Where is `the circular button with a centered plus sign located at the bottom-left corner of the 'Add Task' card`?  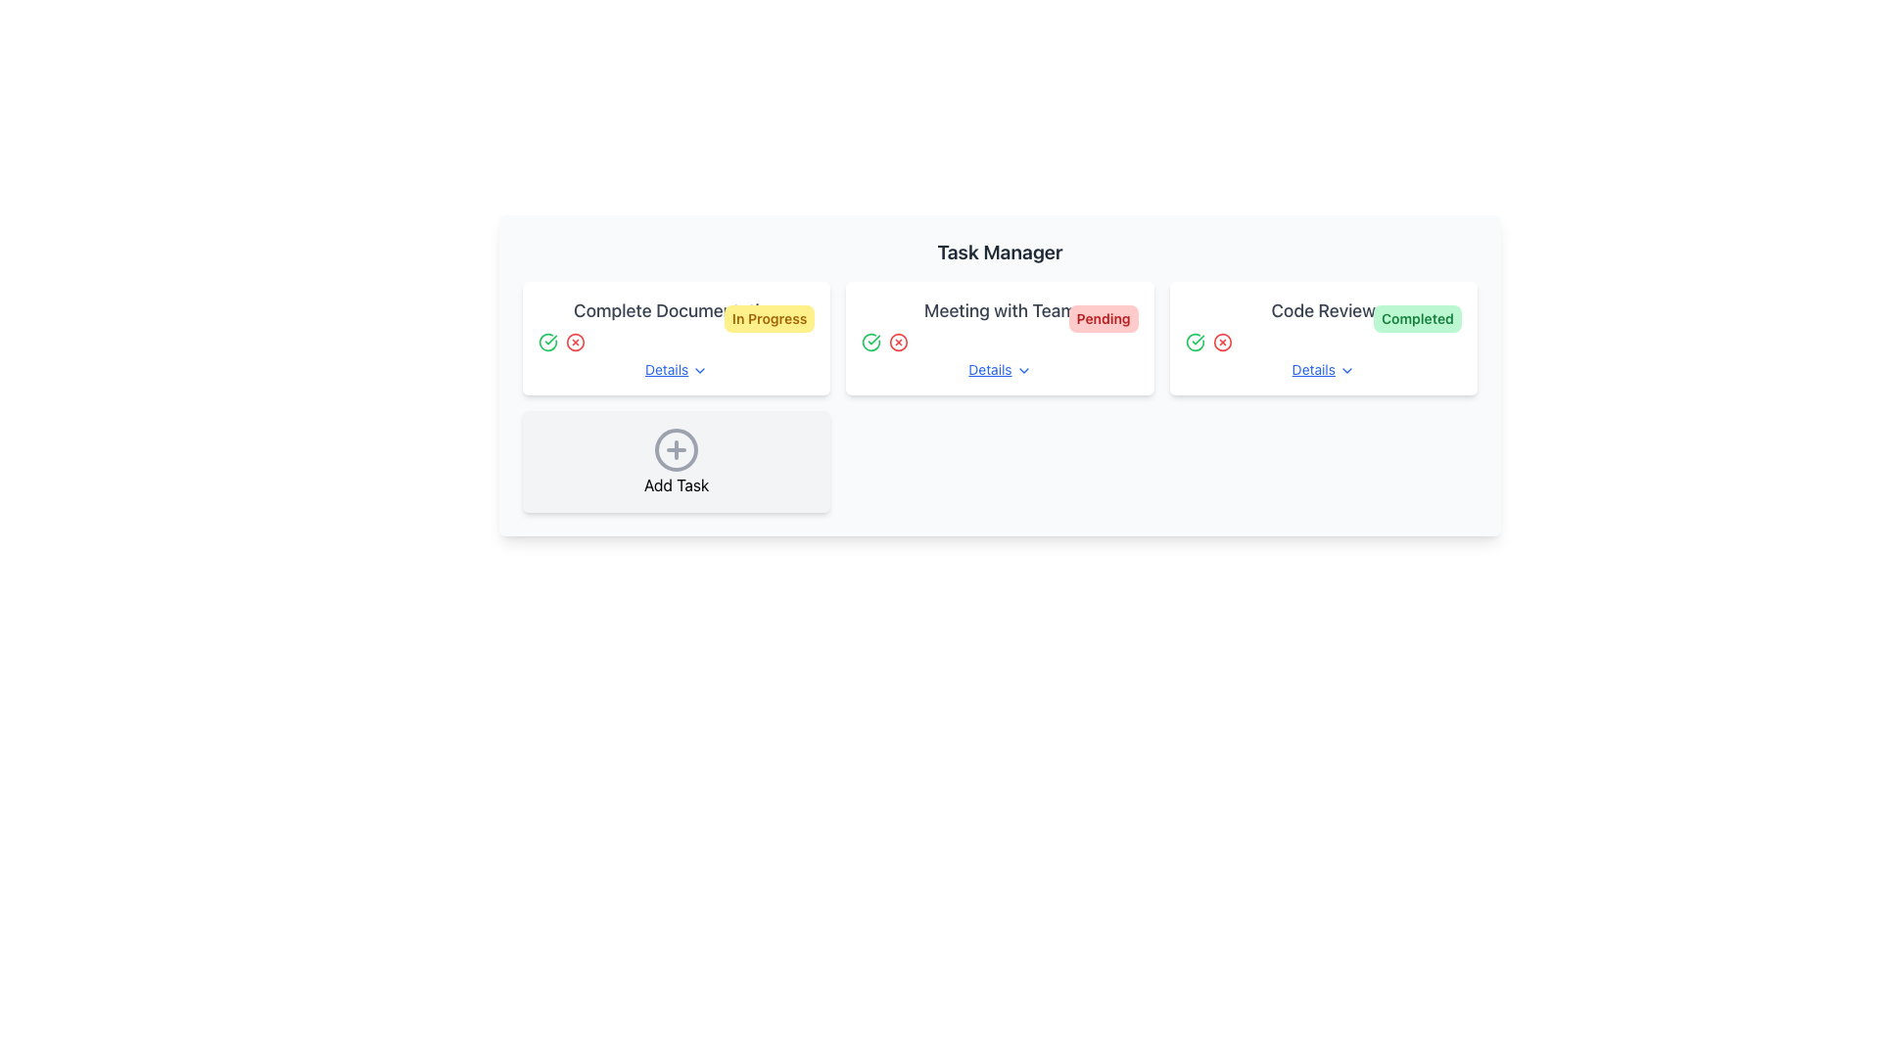
the circular button with a centered plus sign located at the bottom-left corner of the 'Add Task' card is located at coordinates (677, 449).